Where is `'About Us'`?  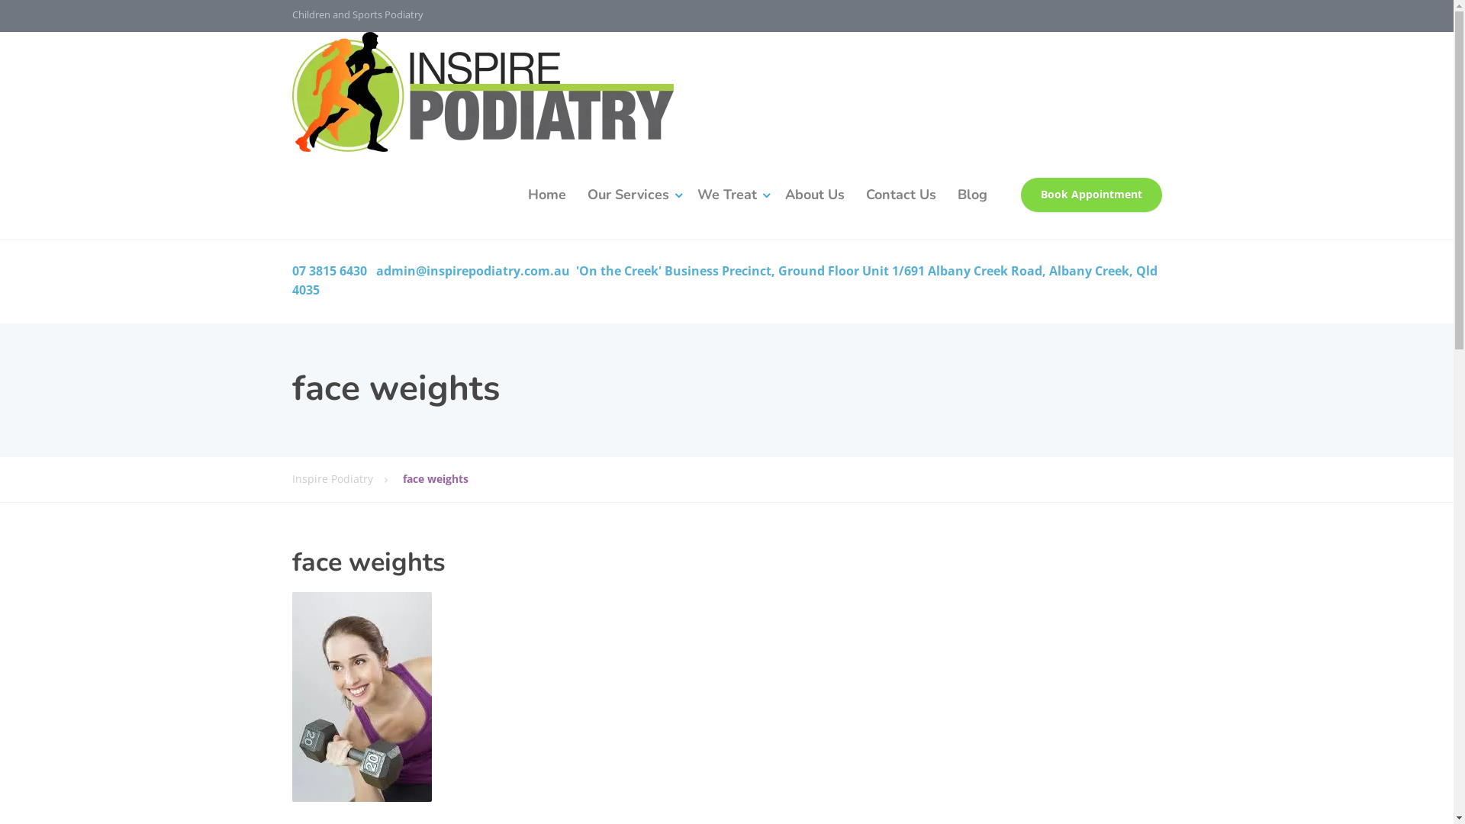
'About Us' is located at coordinates (813, 194).